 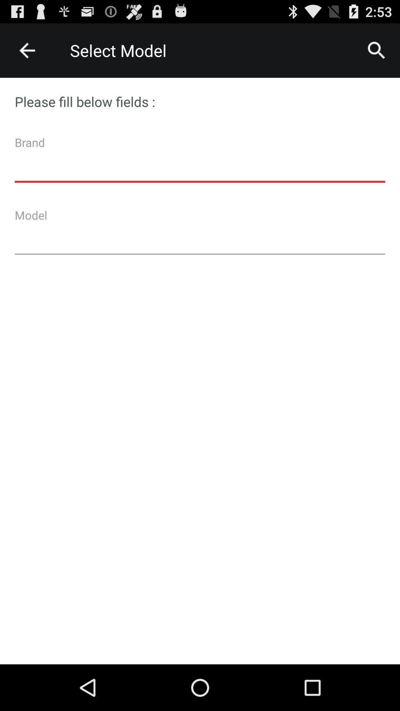 I want to click on model text box, so click(x=200, y=234).